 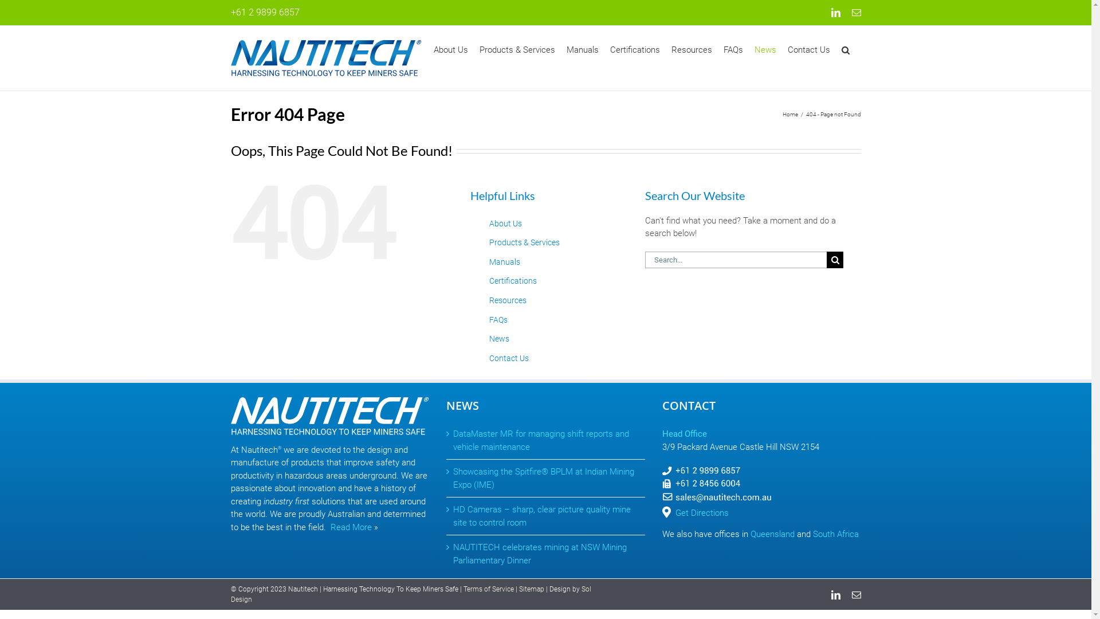 I want to click on 'Head Office', so click(x=685, y=433).